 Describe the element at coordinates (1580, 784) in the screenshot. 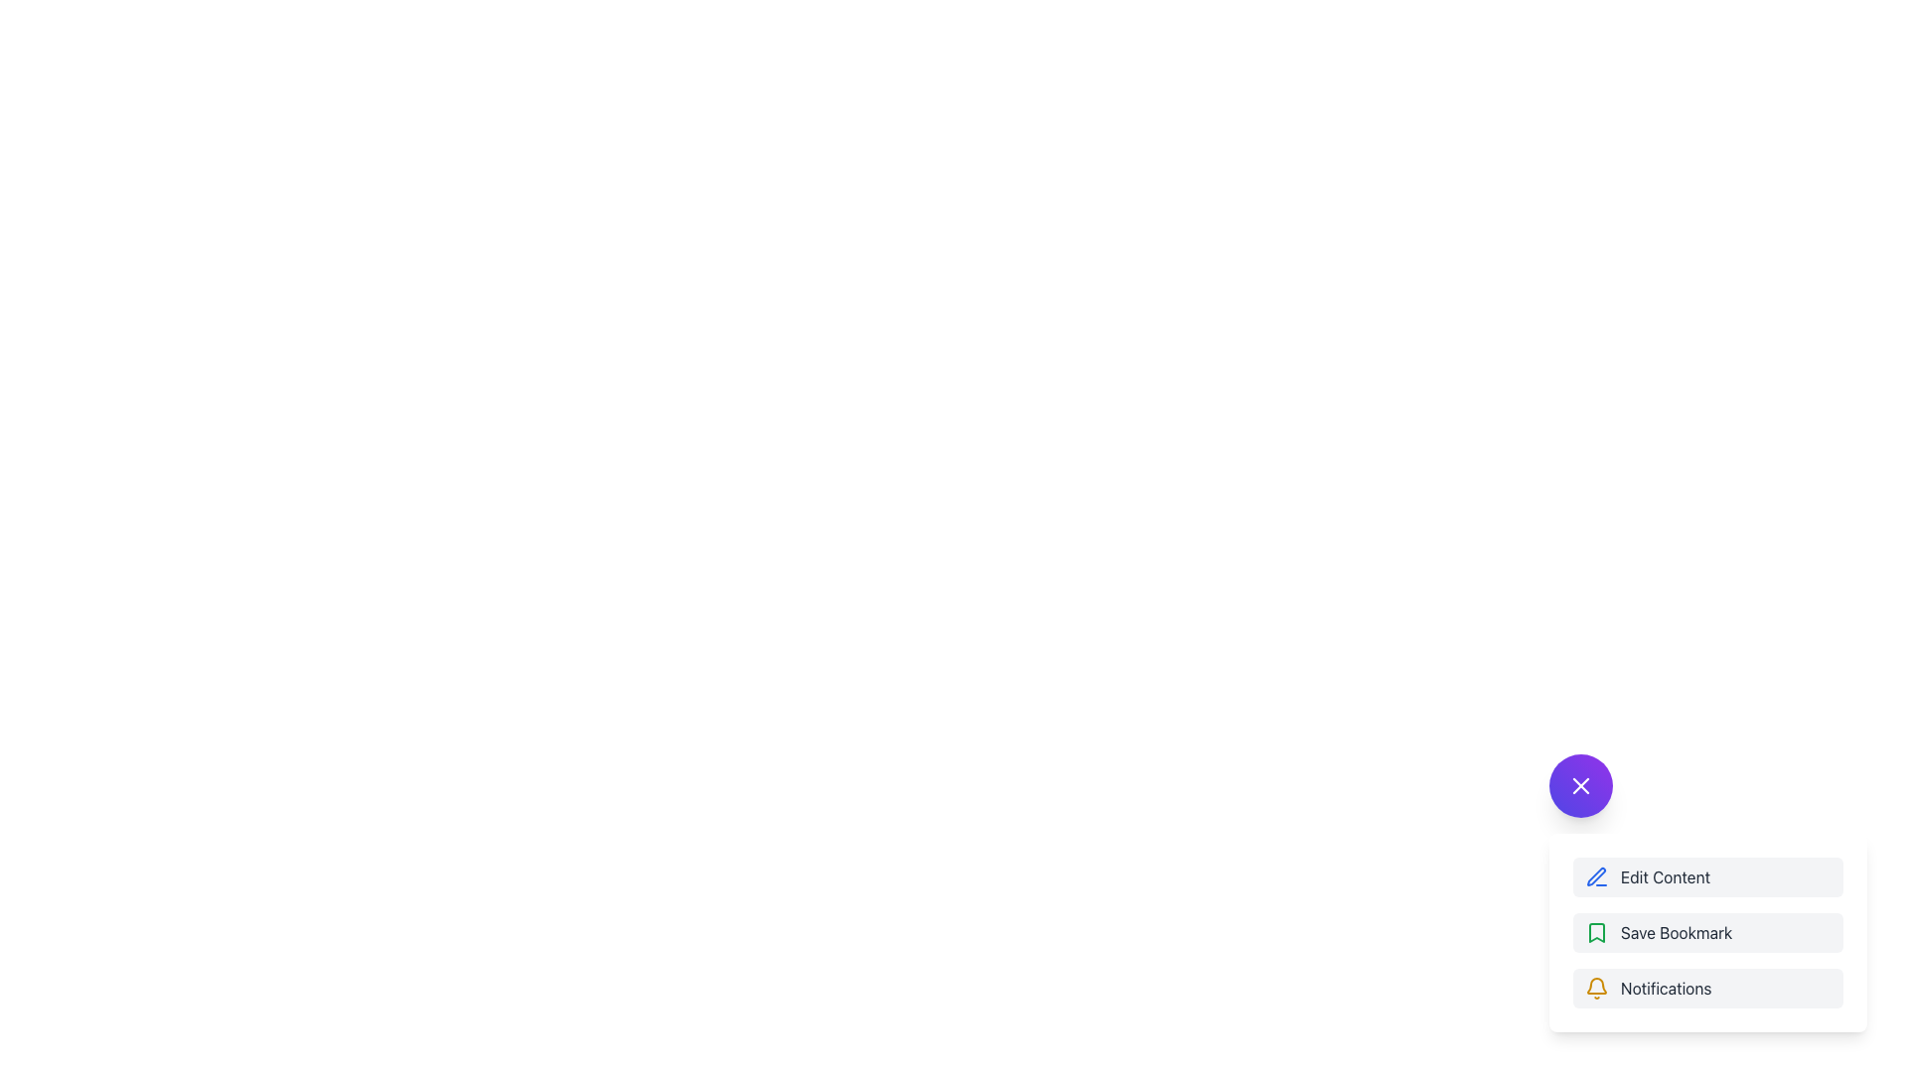

I see `the cross-shaped icon, which is centrally positioned inside a purple circular button` at that location.